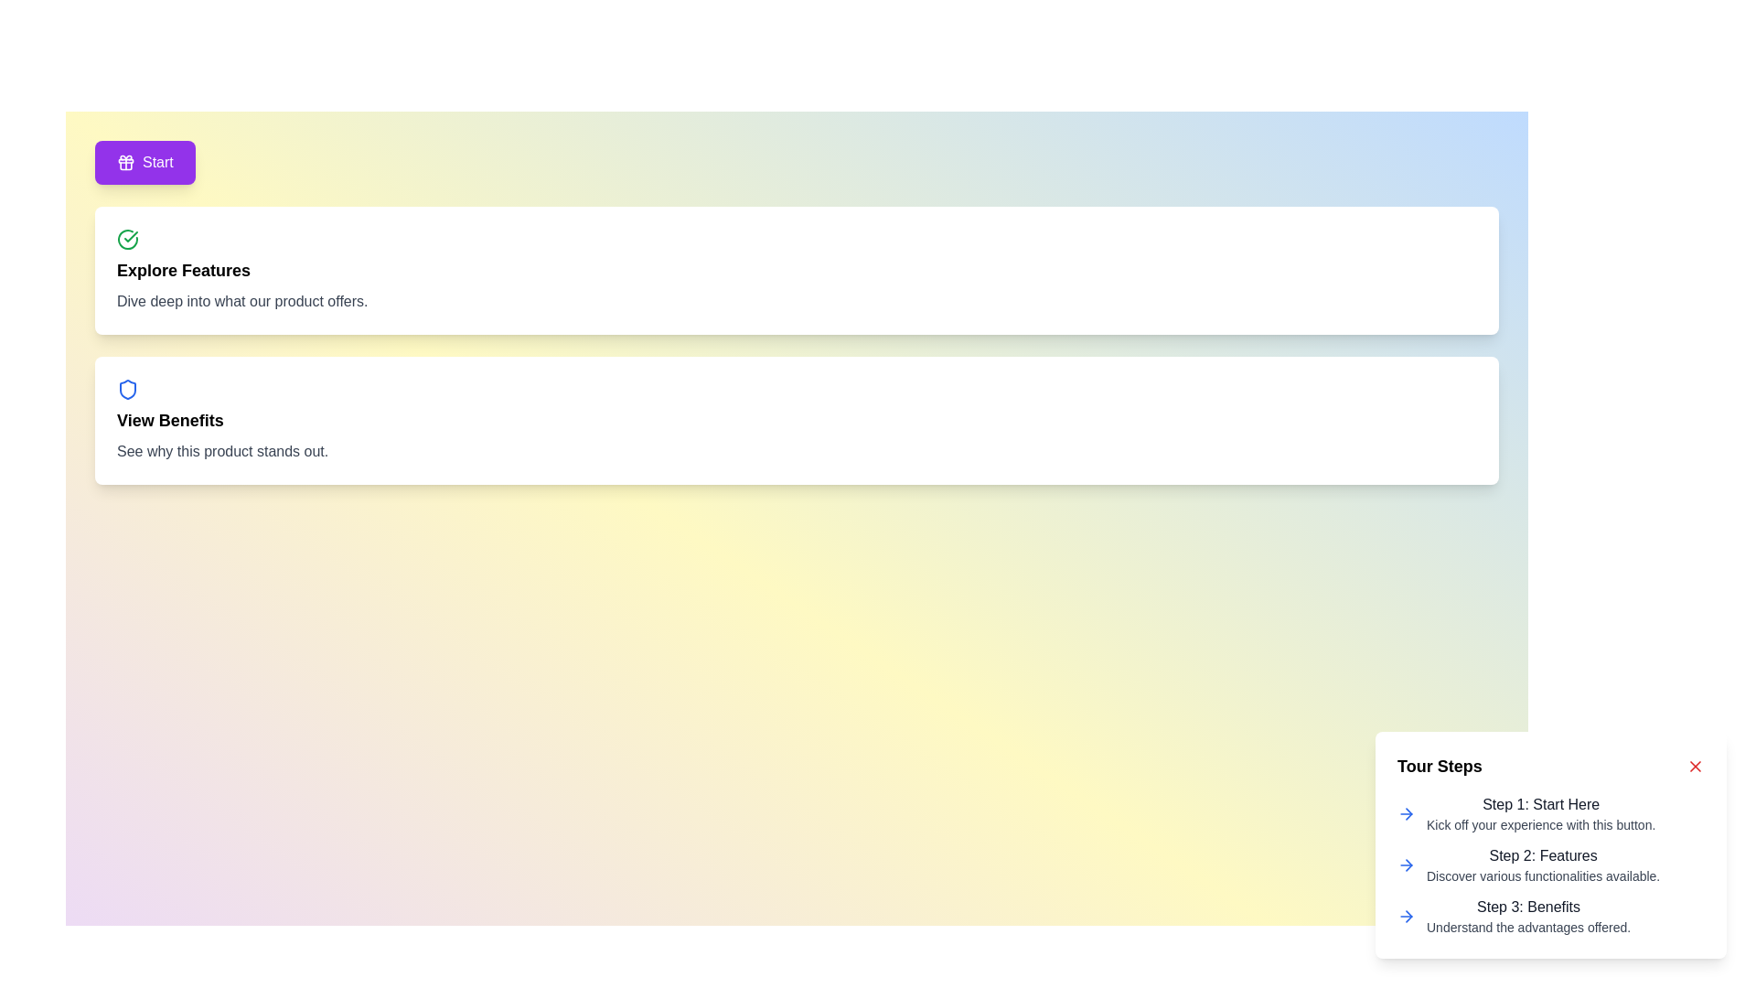 The image size is (1756, 988). I want to click on text content of the bold and larger font text label that reads 'Explore Features', prominently displayed as a header within its card, located below a green checkmark and above a description text, so click(184, 271).